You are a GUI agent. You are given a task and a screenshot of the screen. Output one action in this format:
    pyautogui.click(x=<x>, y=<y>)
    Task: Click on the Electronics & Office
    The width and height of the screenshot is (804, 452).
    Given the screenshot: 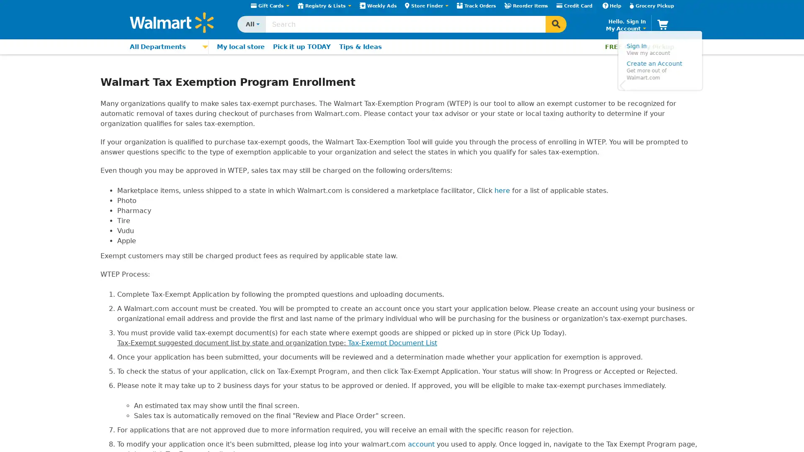 What is the action you would take?
    pyautogui.click(x=162, y=76)
    